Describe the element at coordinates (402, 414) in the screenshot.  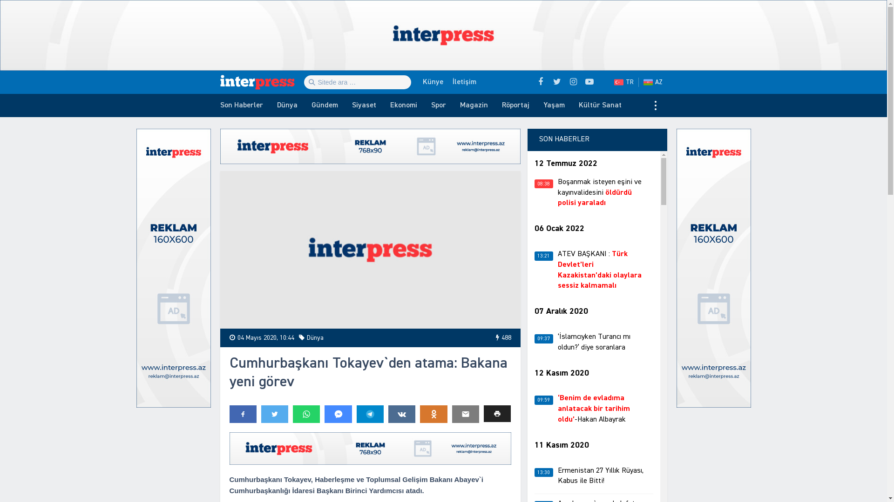
I see `'Share: VKontakte'` at that location.